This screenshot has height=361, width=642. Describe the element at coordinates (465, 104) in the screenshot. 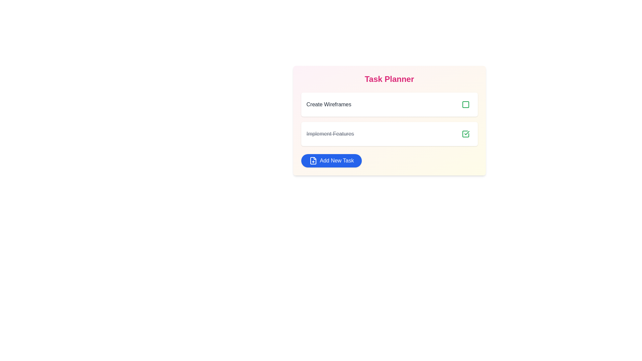

I see `the interactive icon in the top-right corner of the 'Create Wireframes' task card` at that location.